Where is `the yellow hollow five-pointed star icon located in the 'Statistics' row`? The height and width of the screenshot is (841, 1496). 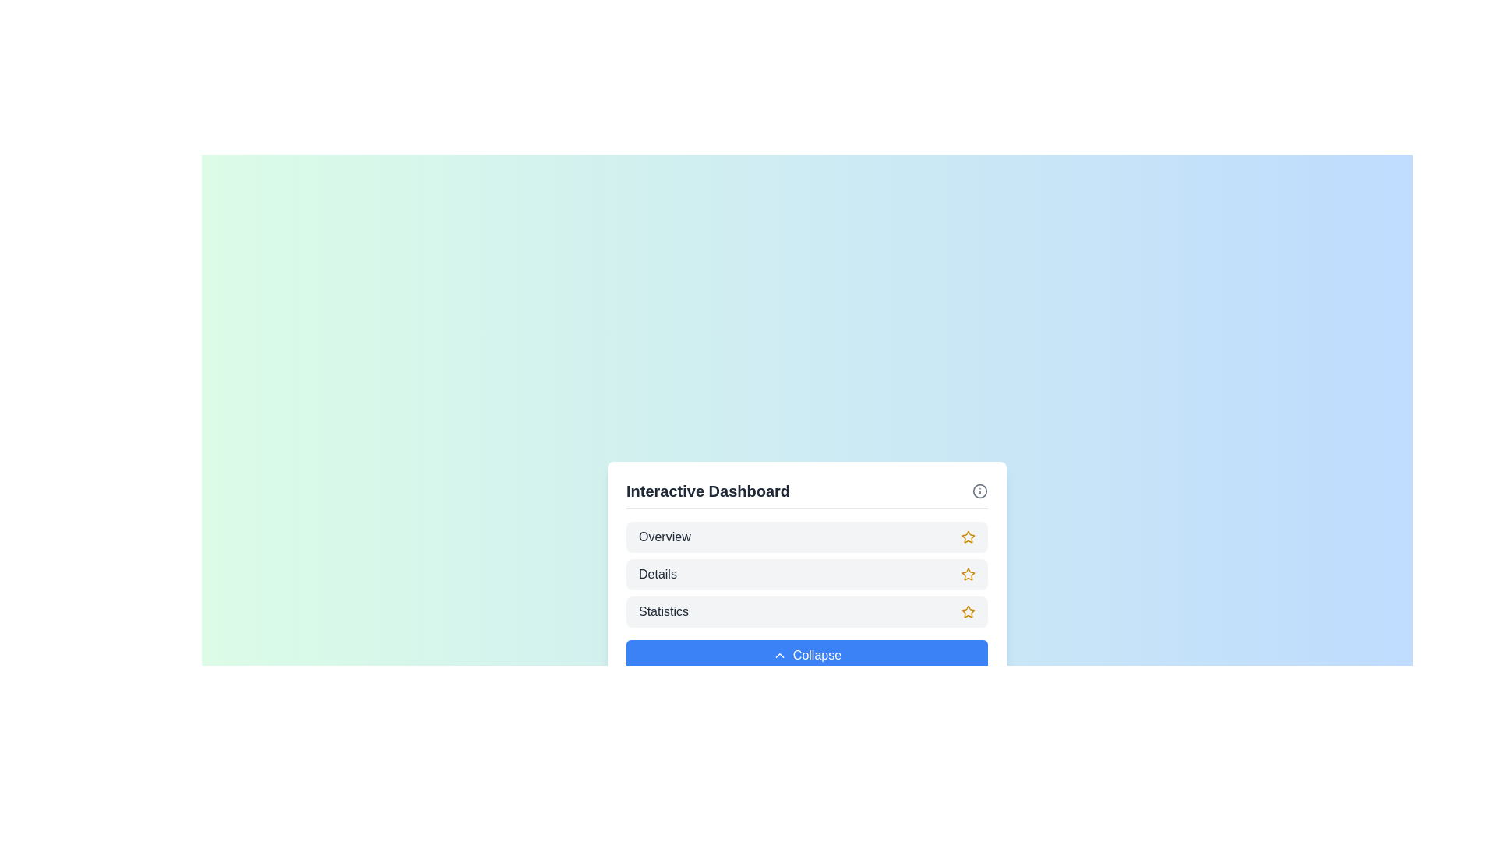 the yellow hollow five-pointed star icon located in the 'Statistics' row is located at coordinates (968, 611).